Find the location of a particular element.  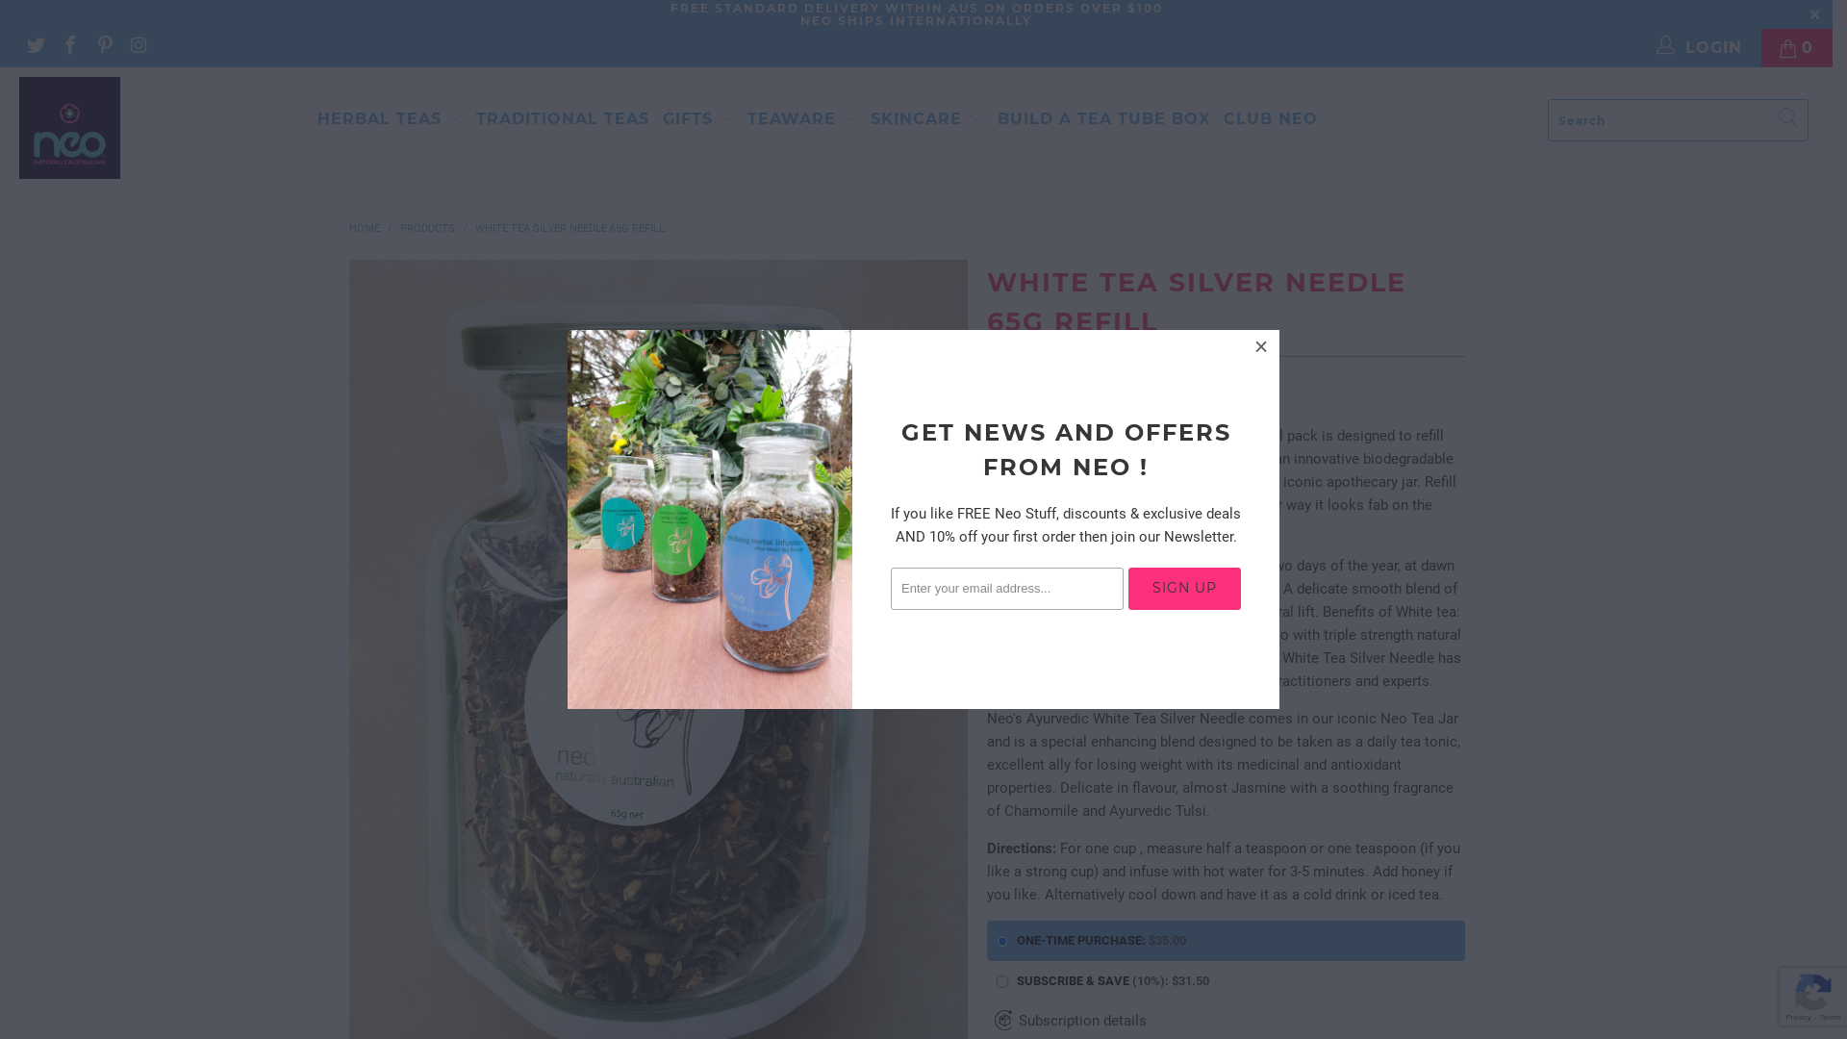

'SKINCARE' is located at coordinates (926, 119).